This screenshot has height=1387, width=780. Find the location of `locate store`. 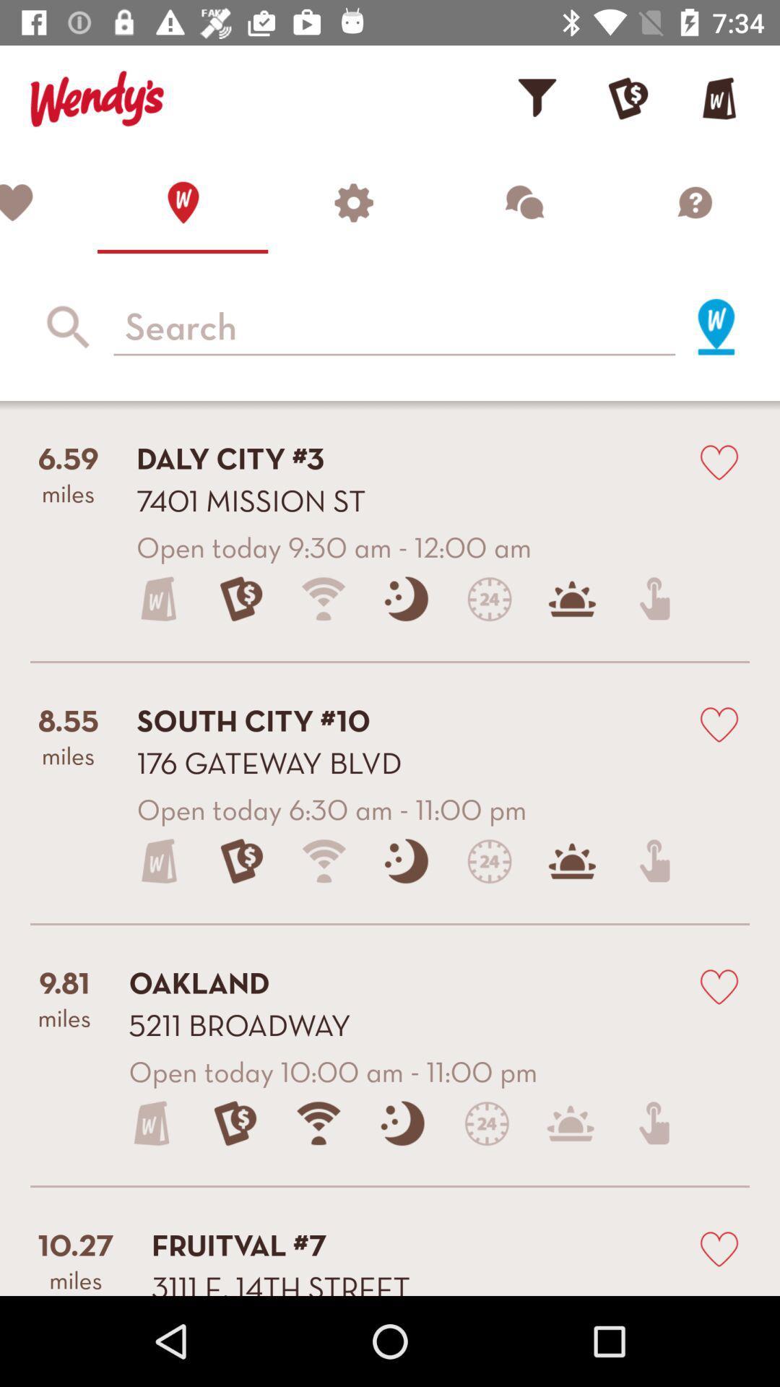

locate store is located at coordinates (716, 326).